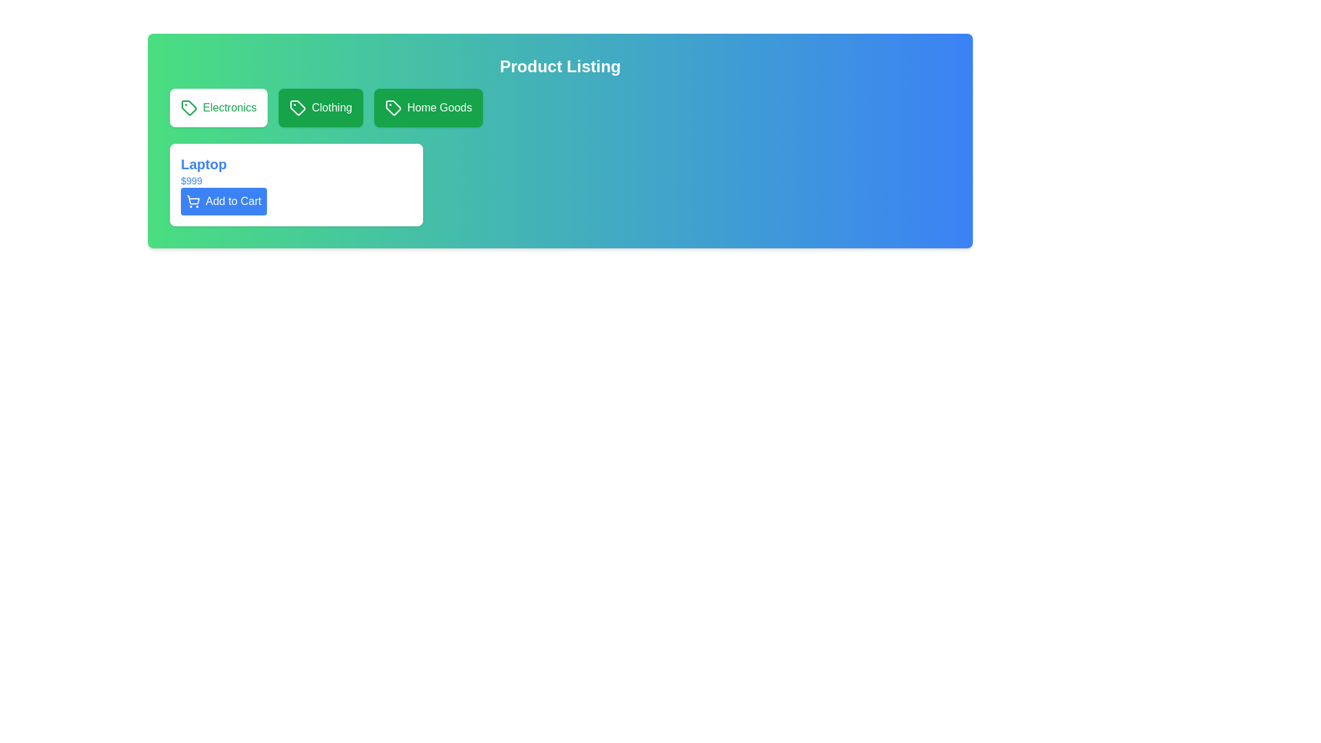 This screenshot has width=1321, height=743. I want to click on the 'Home Goods' category label located at the center of the green button beneath the 'Product Listing' header, so click(439, 107).